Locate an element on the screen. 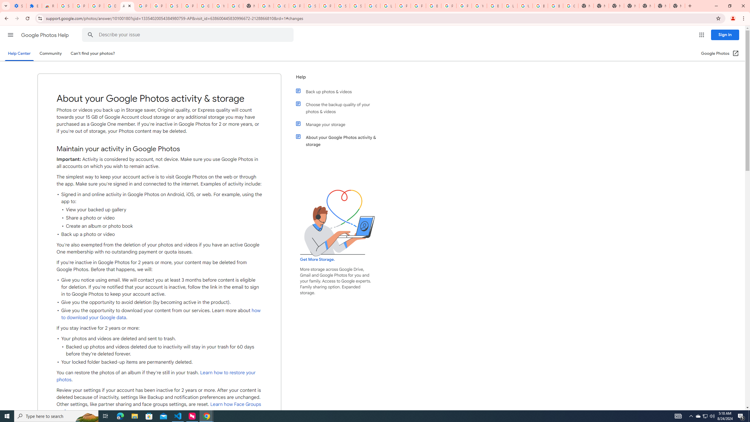  'Get More Storage.' is located at coordinates (317, 259).